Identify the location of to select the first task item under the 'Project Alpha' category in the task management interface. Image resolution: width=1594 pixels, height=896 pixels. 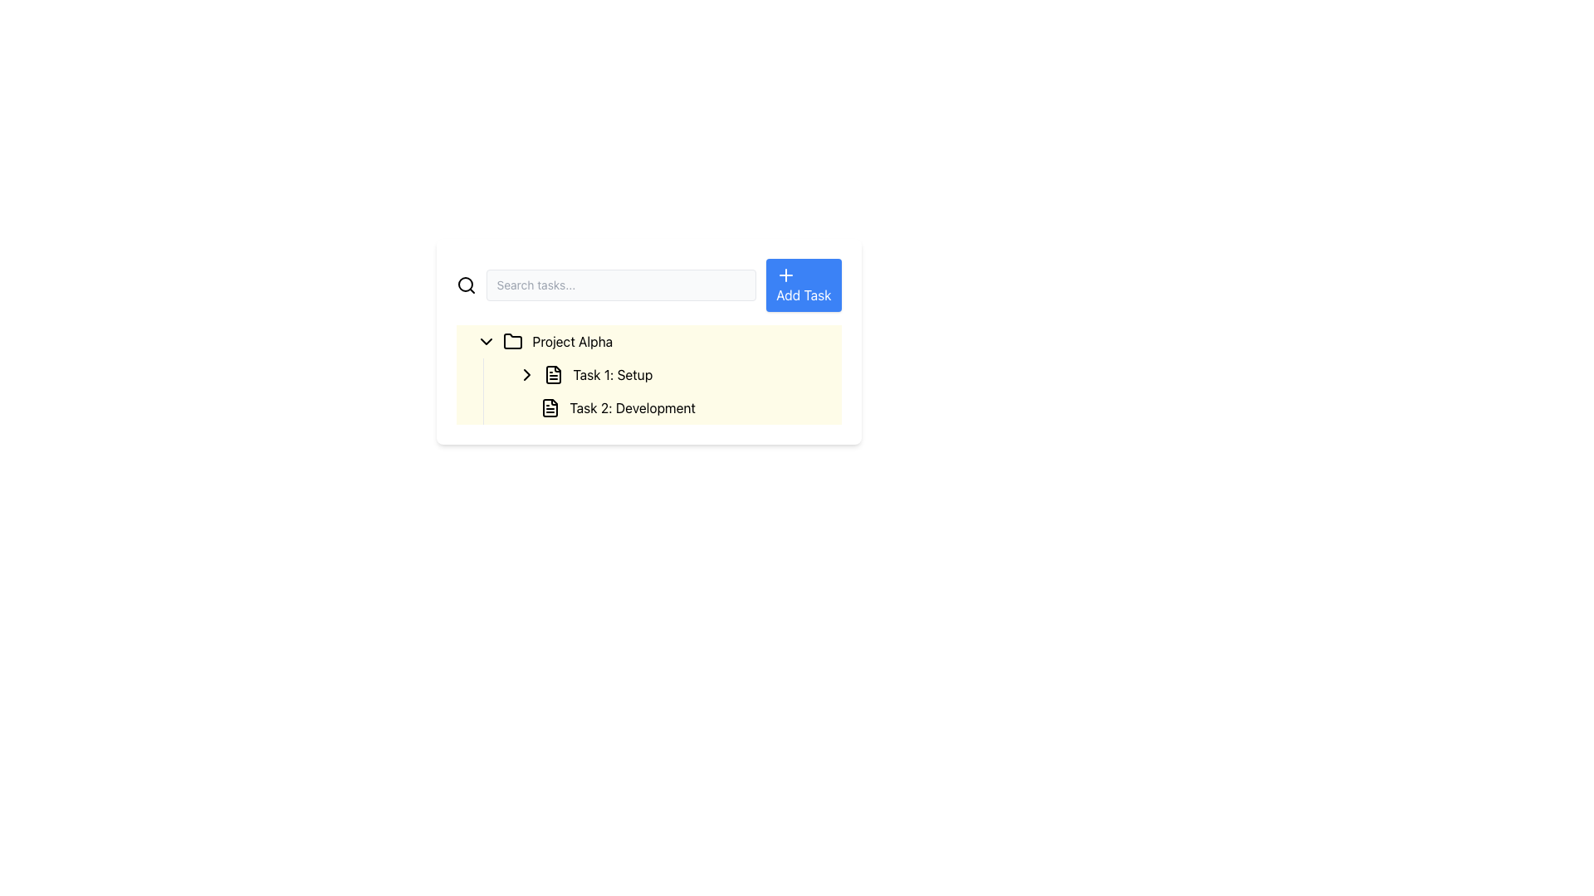
(648, 374).